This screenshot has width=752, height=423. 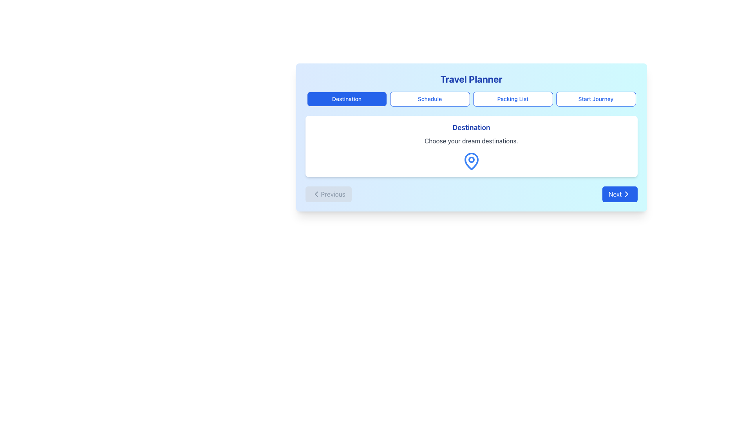 What do you see at coordinates (513, 99) in the screenshot?
I see `the 'Packing List' button, which is the third button in the set of four buttons aligned horizontally, featuring a blue text on a white background with a blue border, to interact with potential hover effects` at bounding box center [513, 99].